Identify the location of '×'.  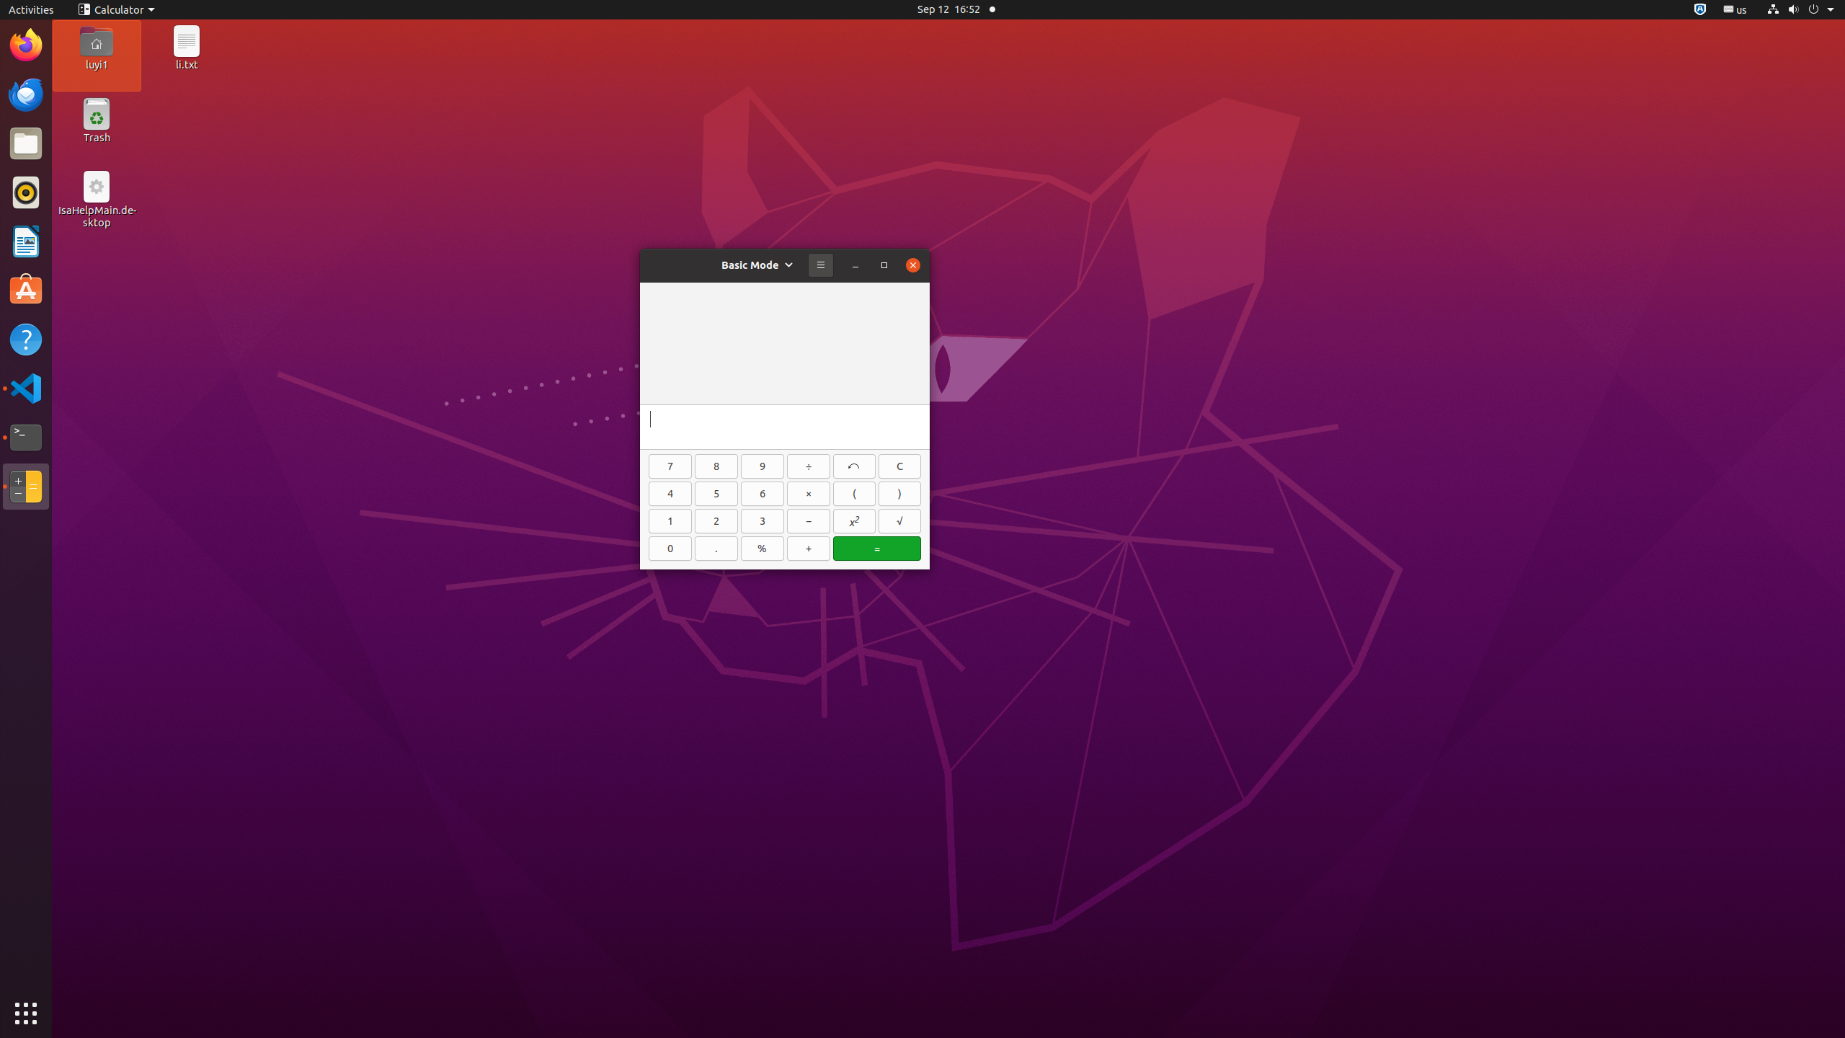
(808, 494).